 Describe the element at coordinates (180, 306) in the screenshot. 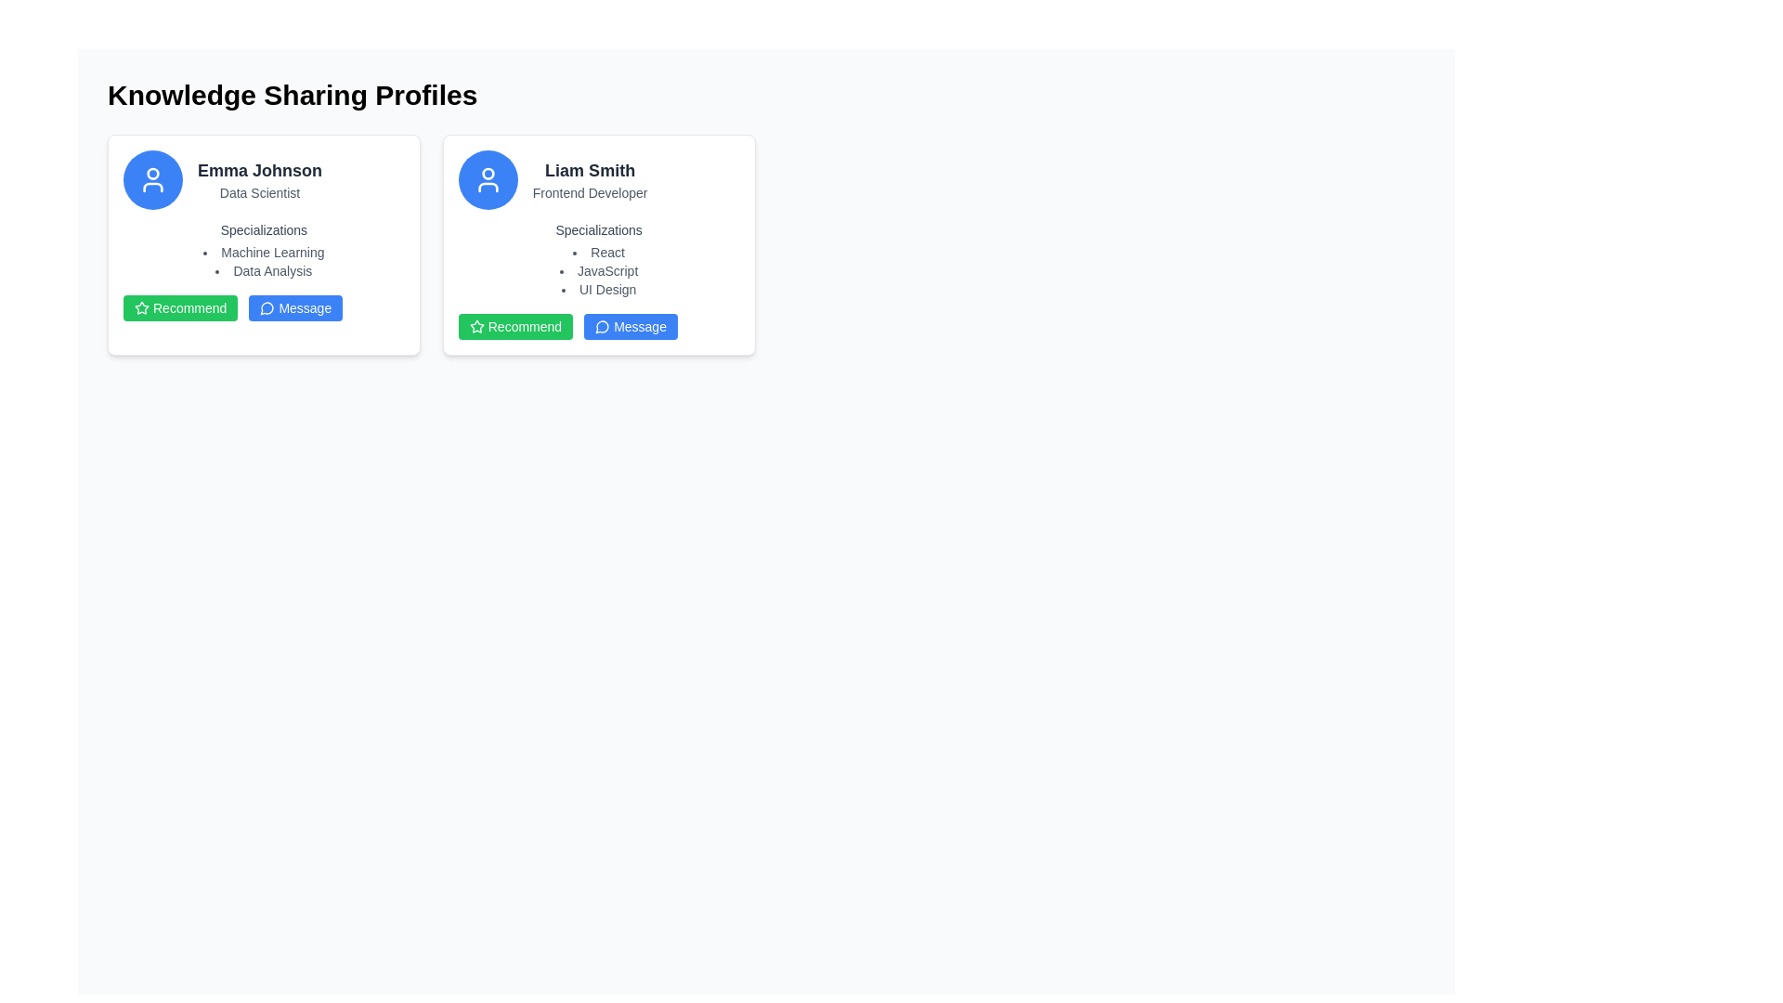

I see `the 'Recommend' button with a green background and a star icon located in the lower section of Emma Johnson's profile card` at that location.